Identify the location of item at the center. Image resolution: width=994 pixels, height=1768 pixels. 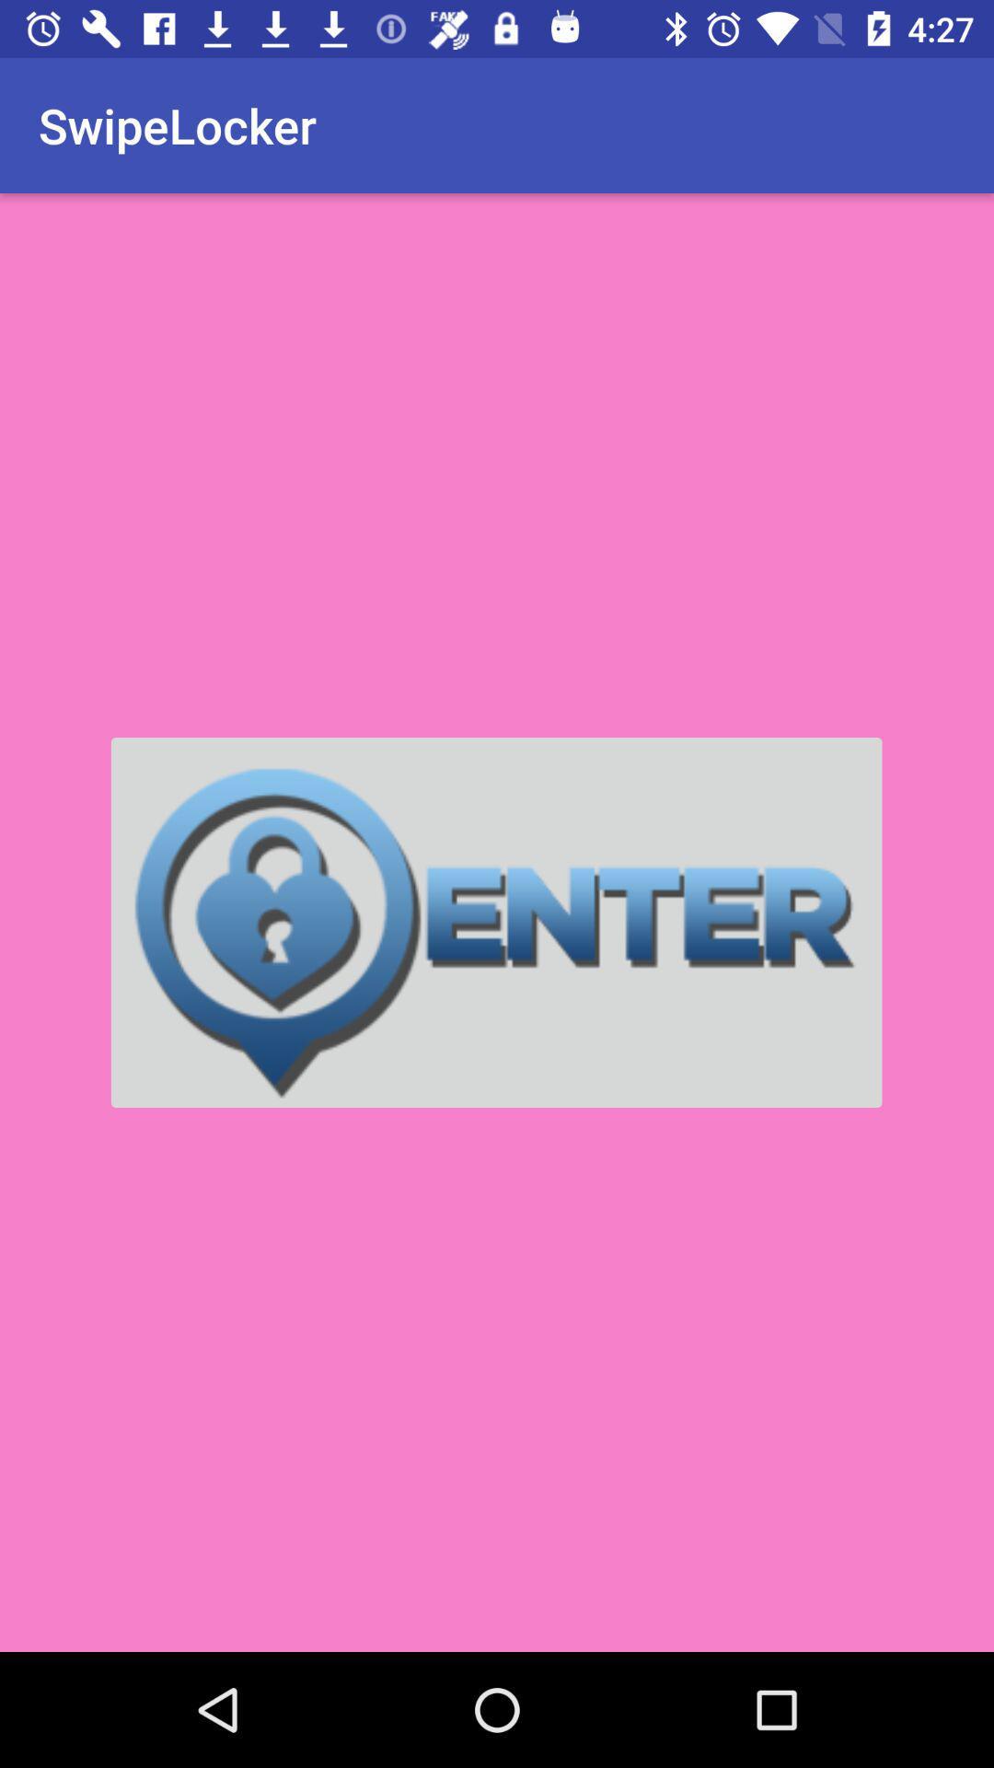
(495, 923).